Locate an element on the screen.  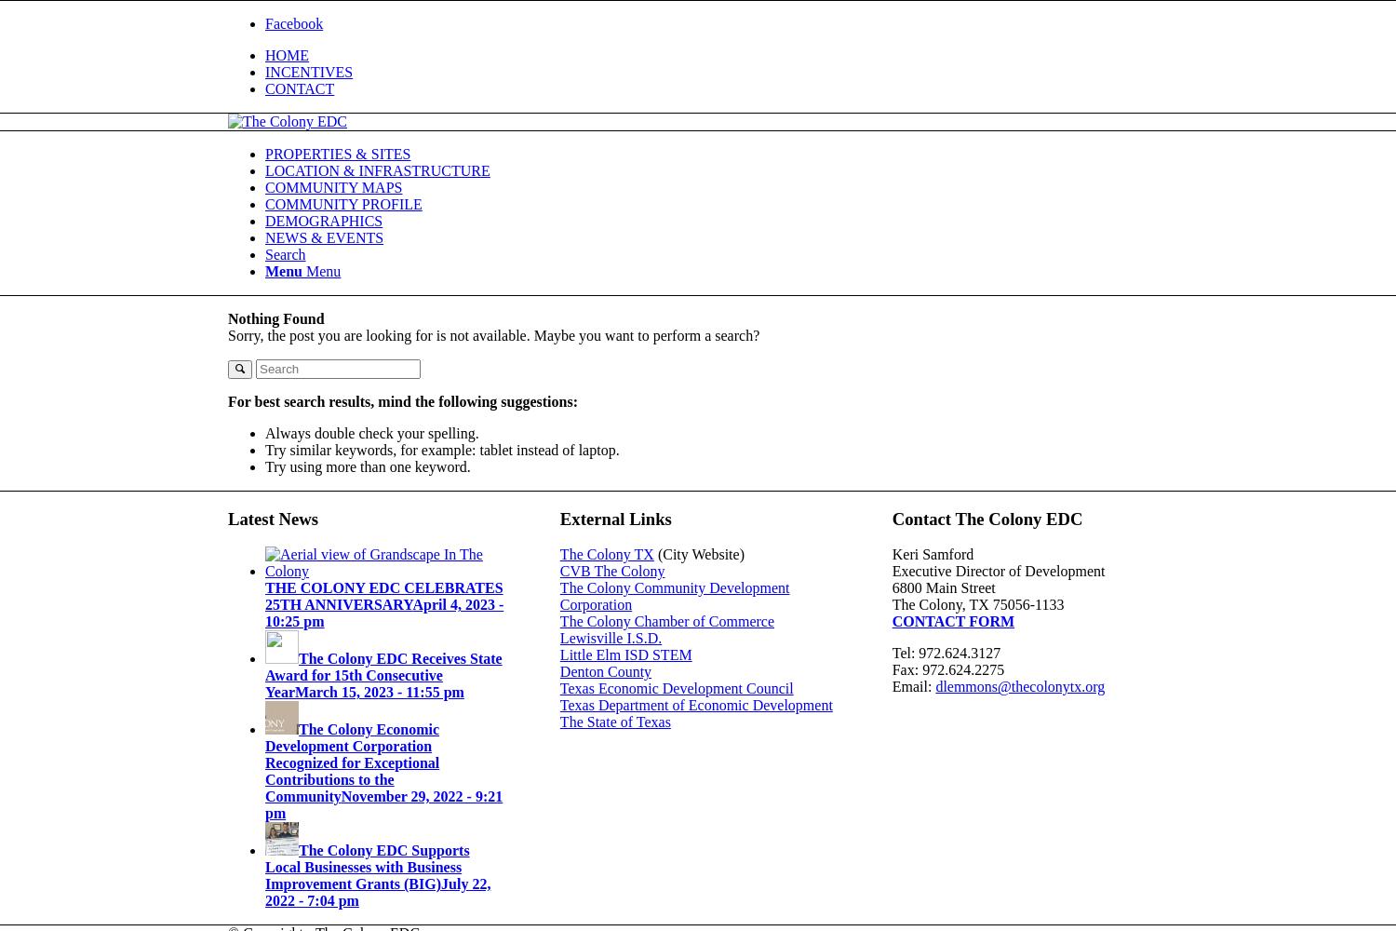
'April 4, 2023 - 10:25 pm' is located at coordinates (383, 613).